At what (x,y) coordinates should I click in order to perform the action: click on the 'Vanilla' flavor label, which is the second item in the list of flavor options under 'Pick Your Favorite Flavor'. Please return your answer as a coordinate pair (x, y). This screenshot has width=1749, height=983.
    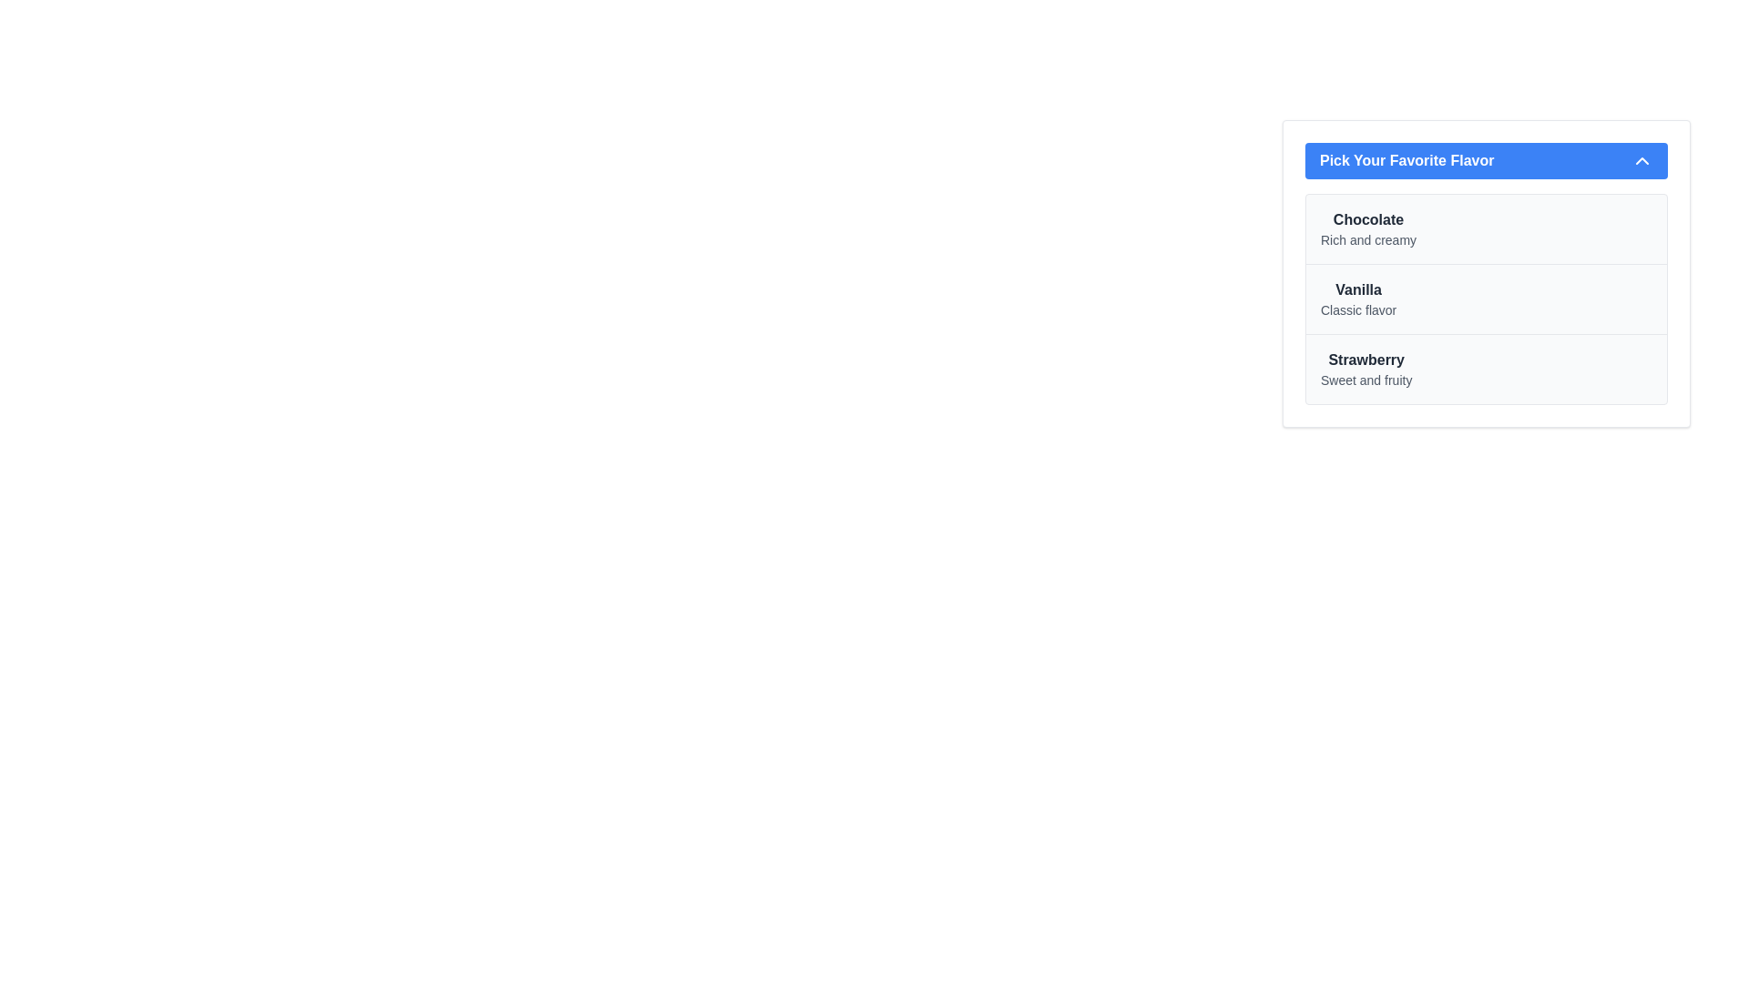
    Looking at the image, I should click on (1358, 289).